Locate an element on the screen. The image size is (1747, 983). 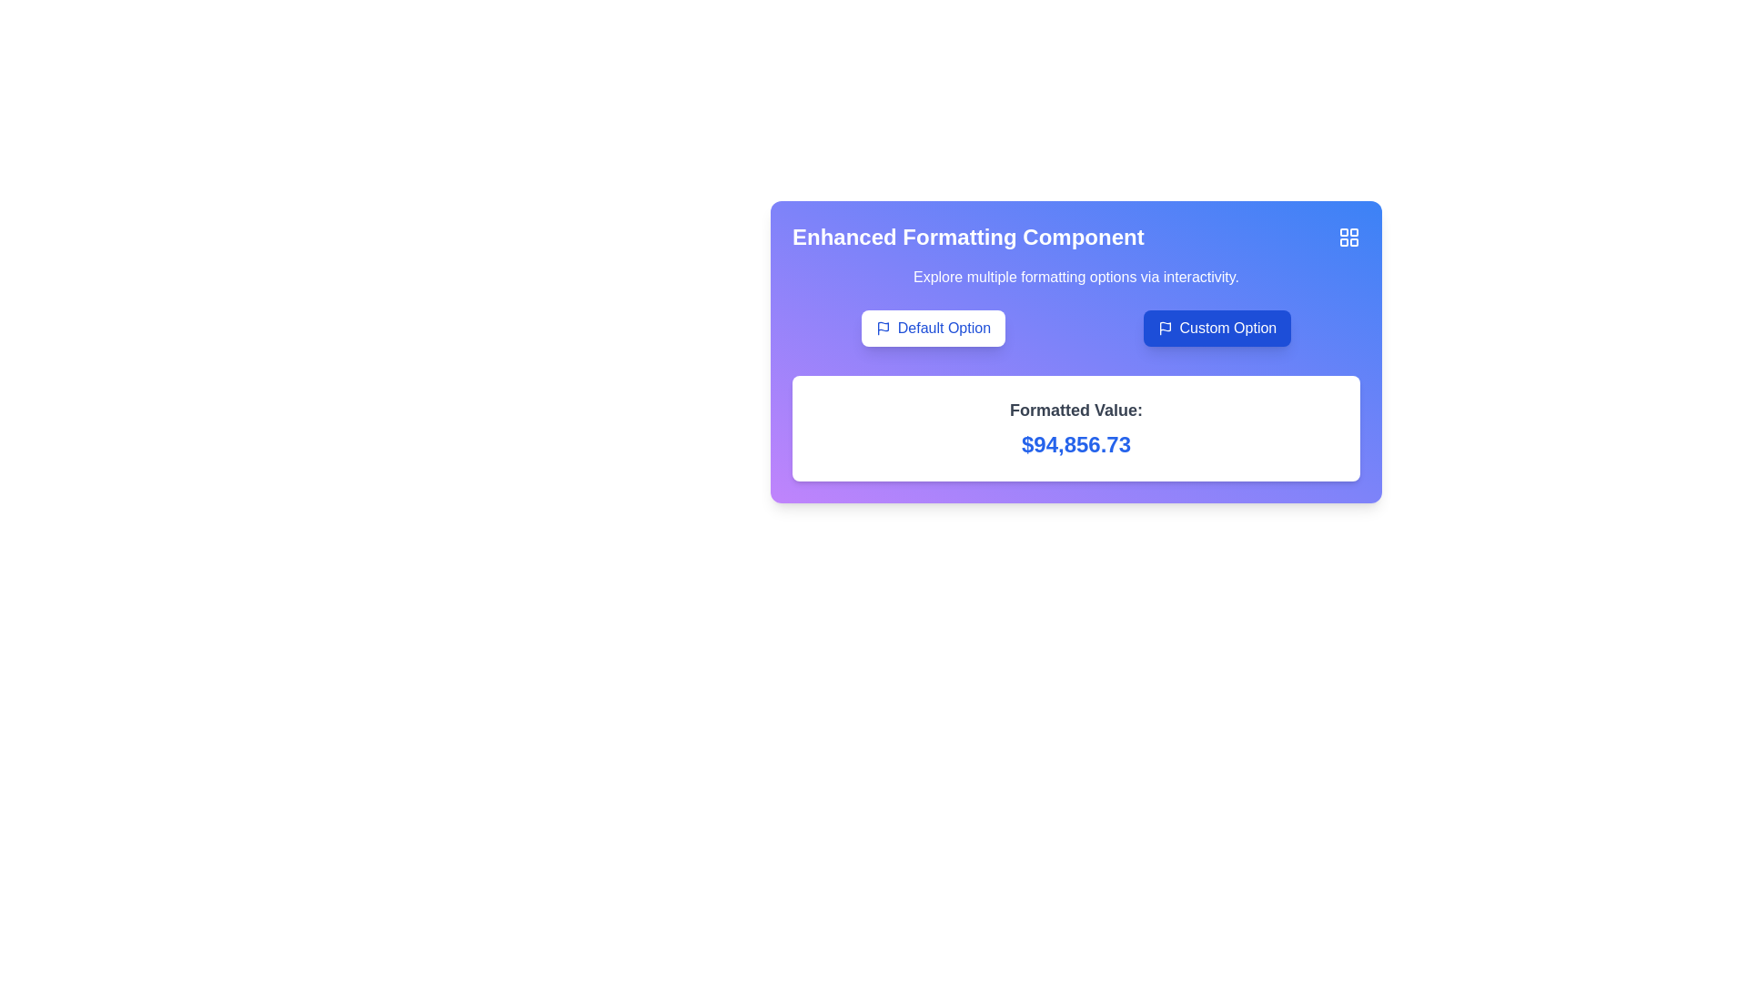
the static text displaying the monetary value '$94,856.73', which is bold and blue, located beneath the label 'Formatted Value' is located at coordinates (1075, 445).